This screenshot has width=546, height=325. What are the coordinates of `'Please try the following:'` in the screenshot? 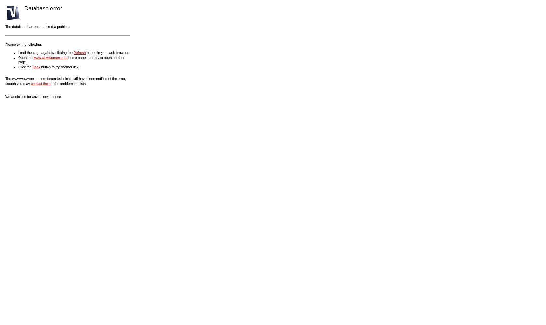 It's located at (23, 44).